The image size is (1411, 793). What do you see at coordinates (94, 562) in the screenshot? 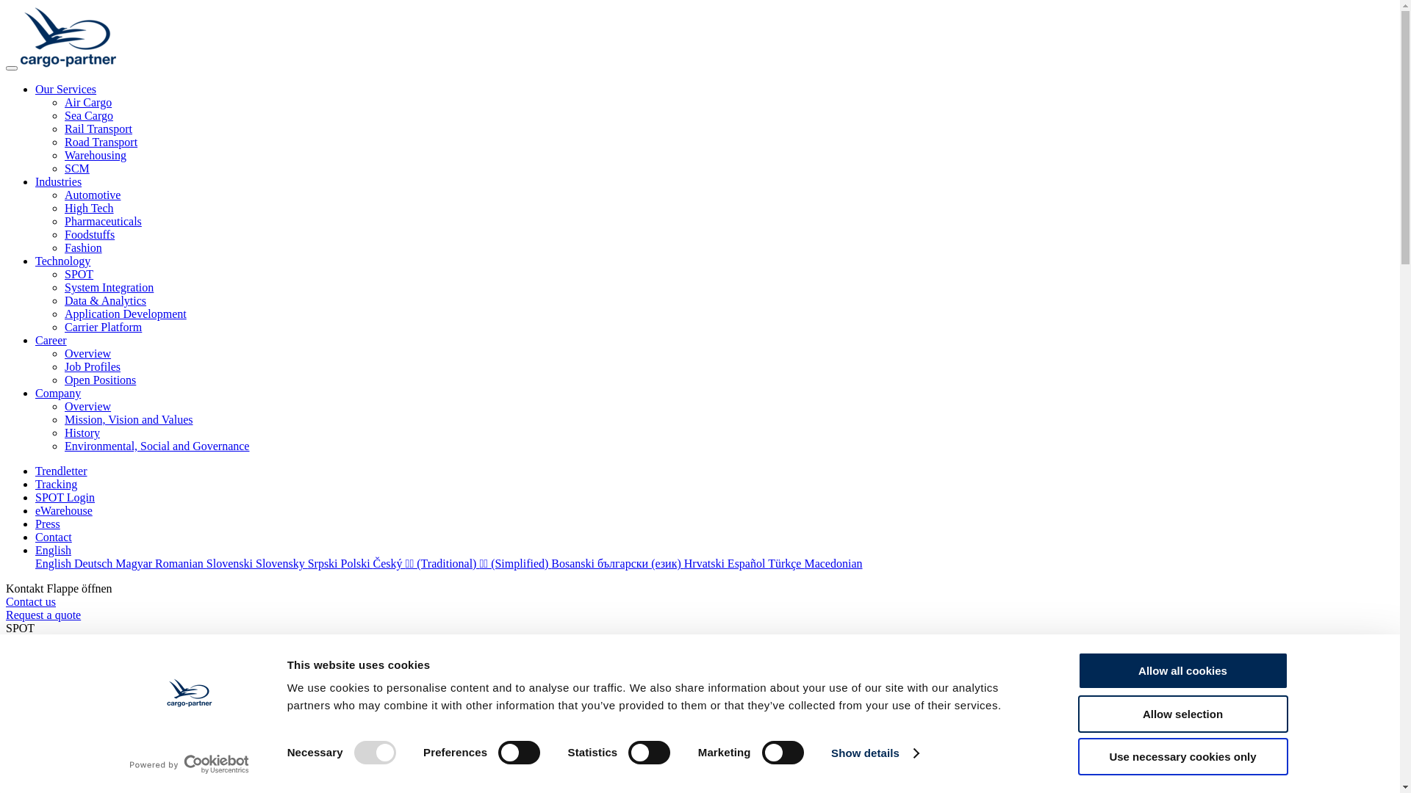
I see `'Deutsch'` at bounding box center [94, 562].